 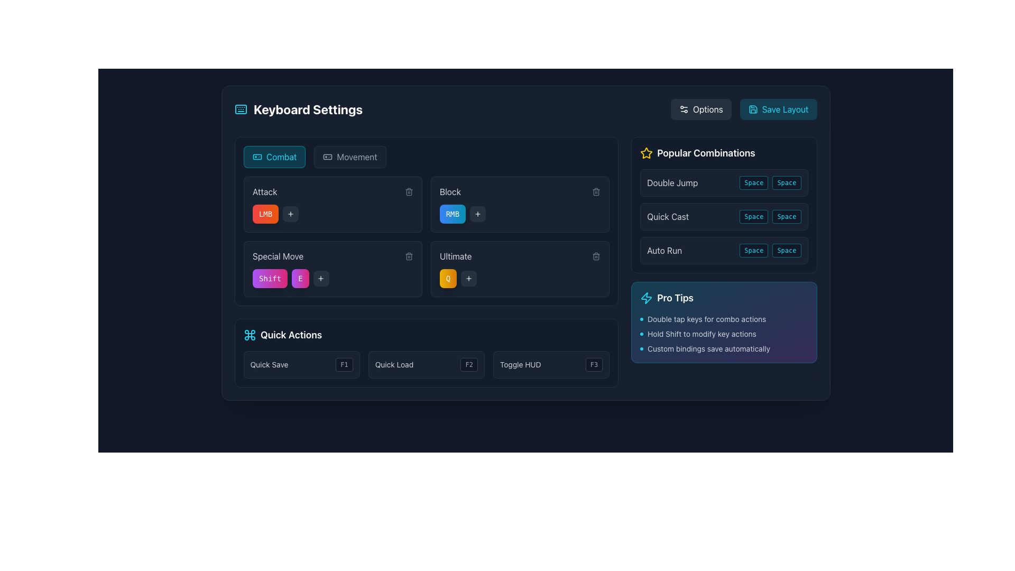 I want to click on informational text label 'Custom bindings save automatically' located at the bottom of the 'Pro Tips' list, which is accompanied by a small cyan circular icon, so click(x=723, y=348).